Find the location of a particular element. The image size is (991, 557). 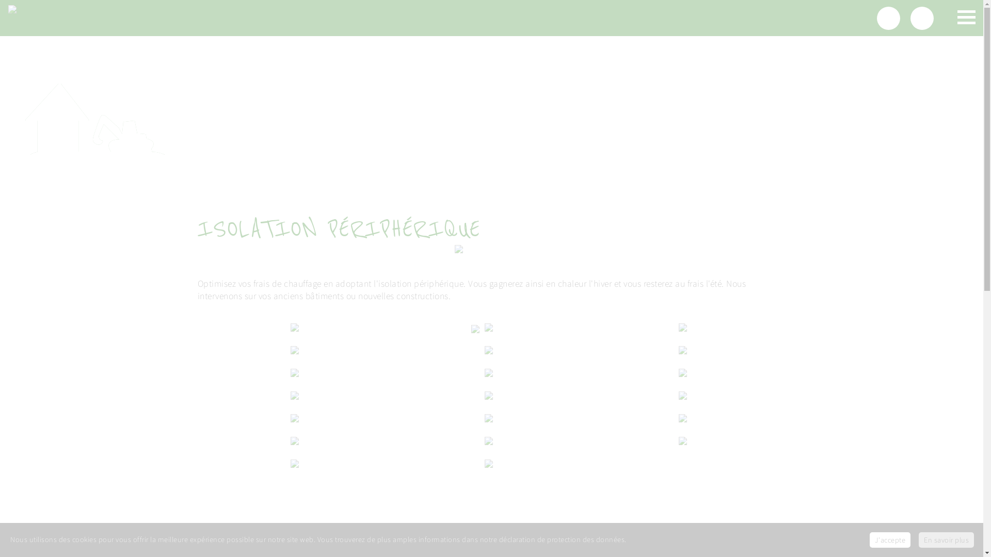

'J'accepte' is located at coordinates (889, 539).